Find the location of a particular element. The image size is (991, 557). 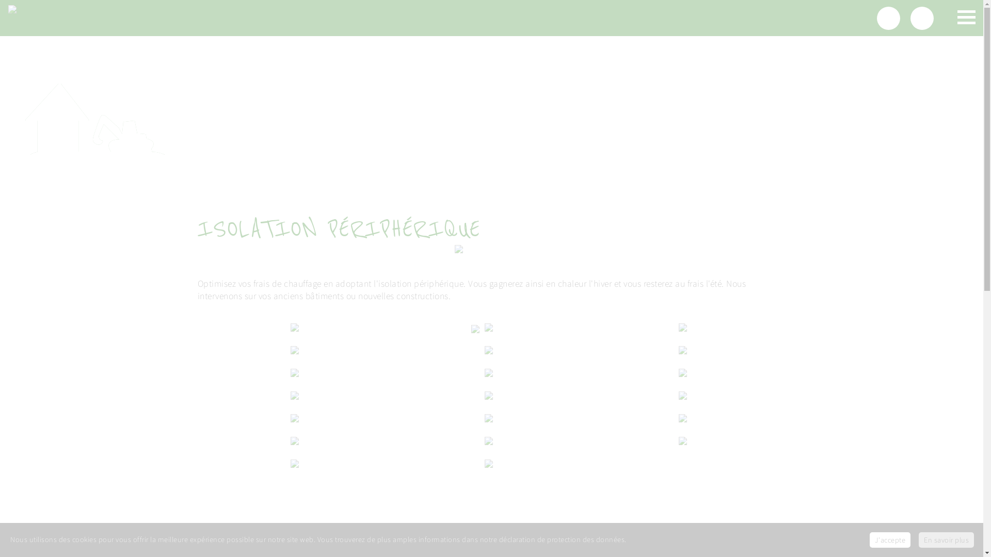

'J'accepte' is located at coordinates (889, 539).